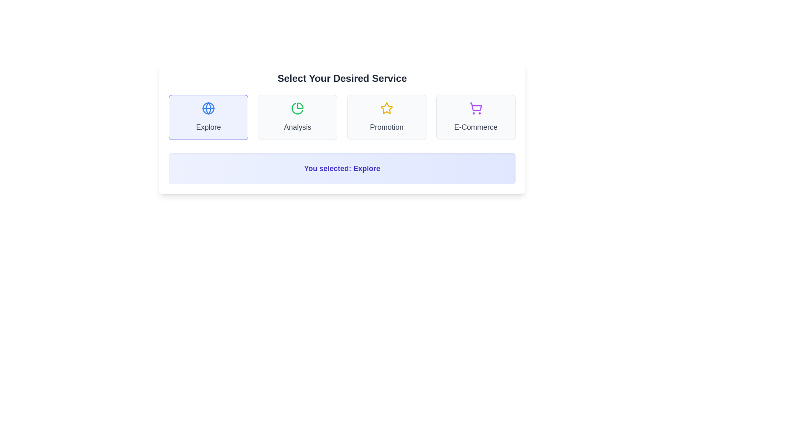 The image size is (785, 442). I want to click on the title text that introduces the content options, located at the top center of its panel, so click(342, 79).